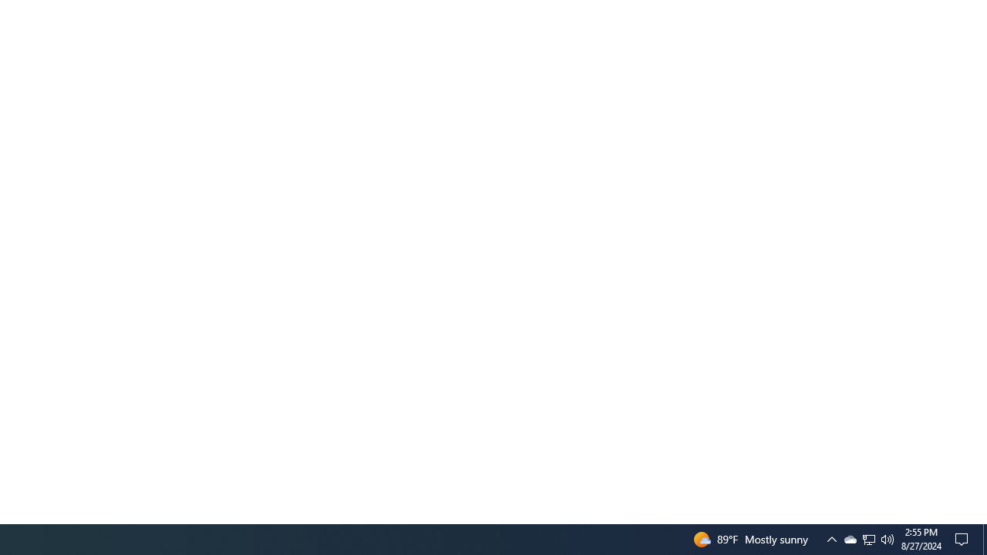  Describe the element at coordinates (984, 538) in the screenshot. I see `'Show desktop'` at that location.